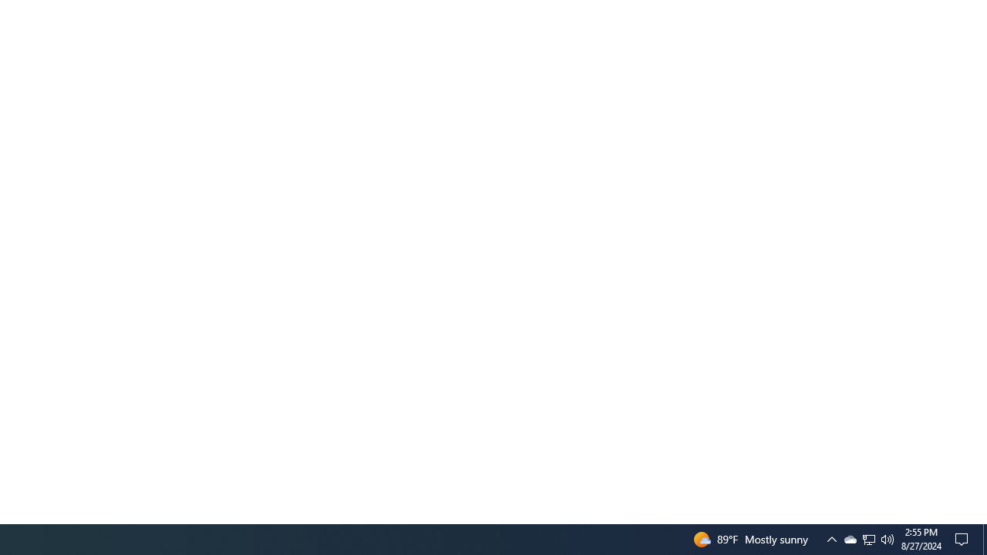  Describe the element at coordinates (984, 538) in the screenshot. I see `'Show desktop'` at that location.